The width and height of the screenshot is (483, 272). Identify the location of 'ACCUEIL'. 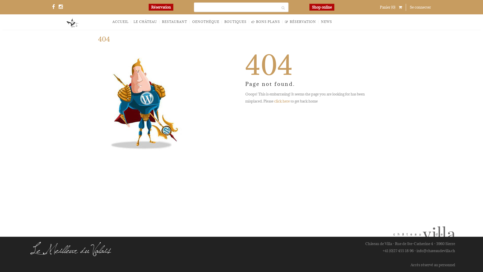
(120, 22).